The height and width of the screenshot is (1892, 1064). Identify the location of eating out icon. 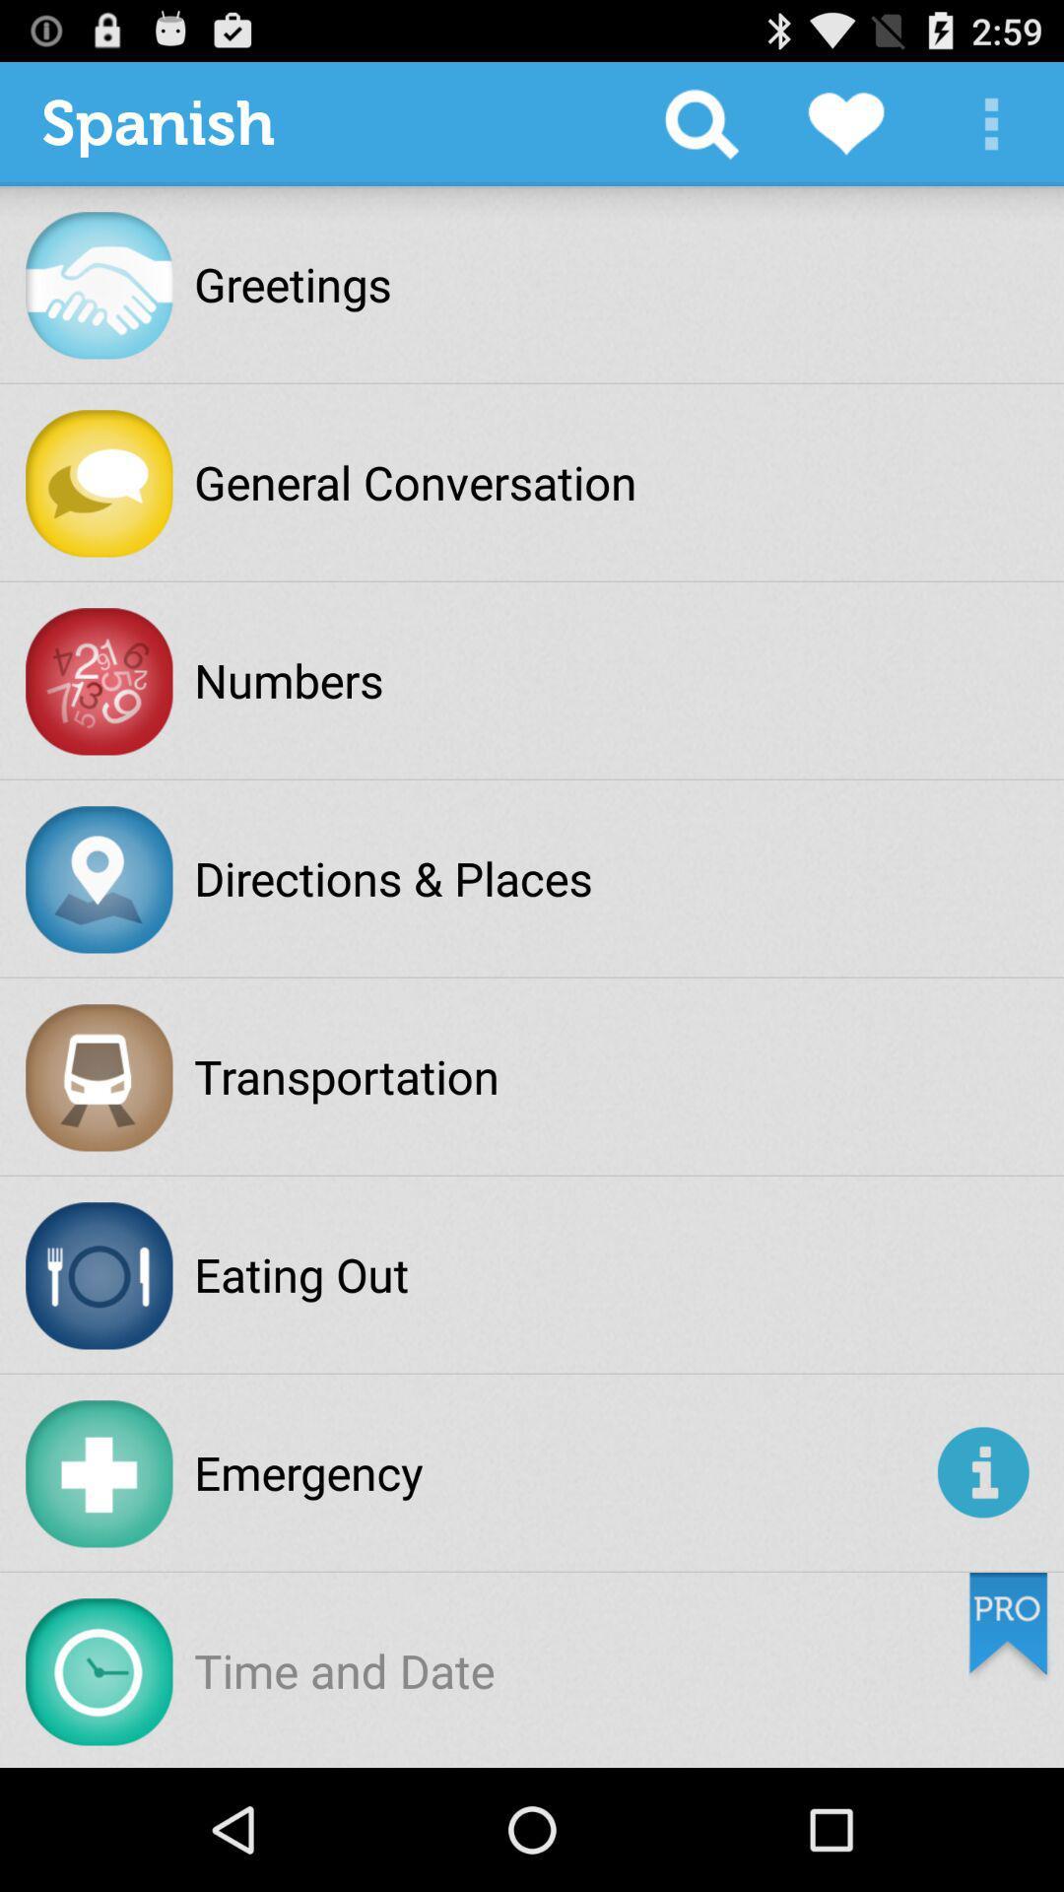
(301, 1274).